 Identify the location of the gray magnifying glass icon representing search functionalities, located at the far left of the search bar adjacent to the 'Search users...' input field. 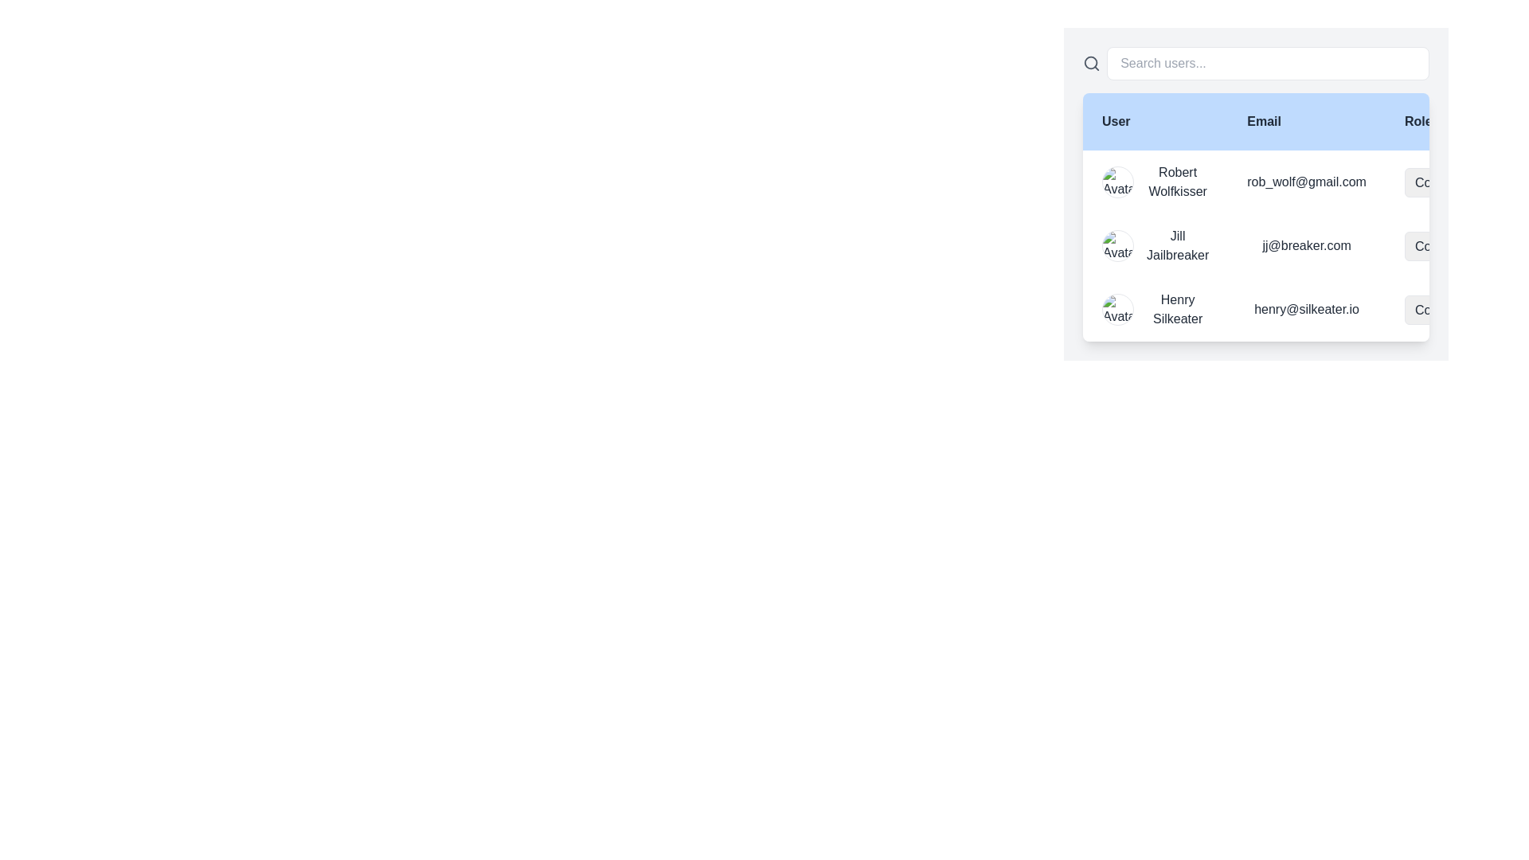
(1091, 63).